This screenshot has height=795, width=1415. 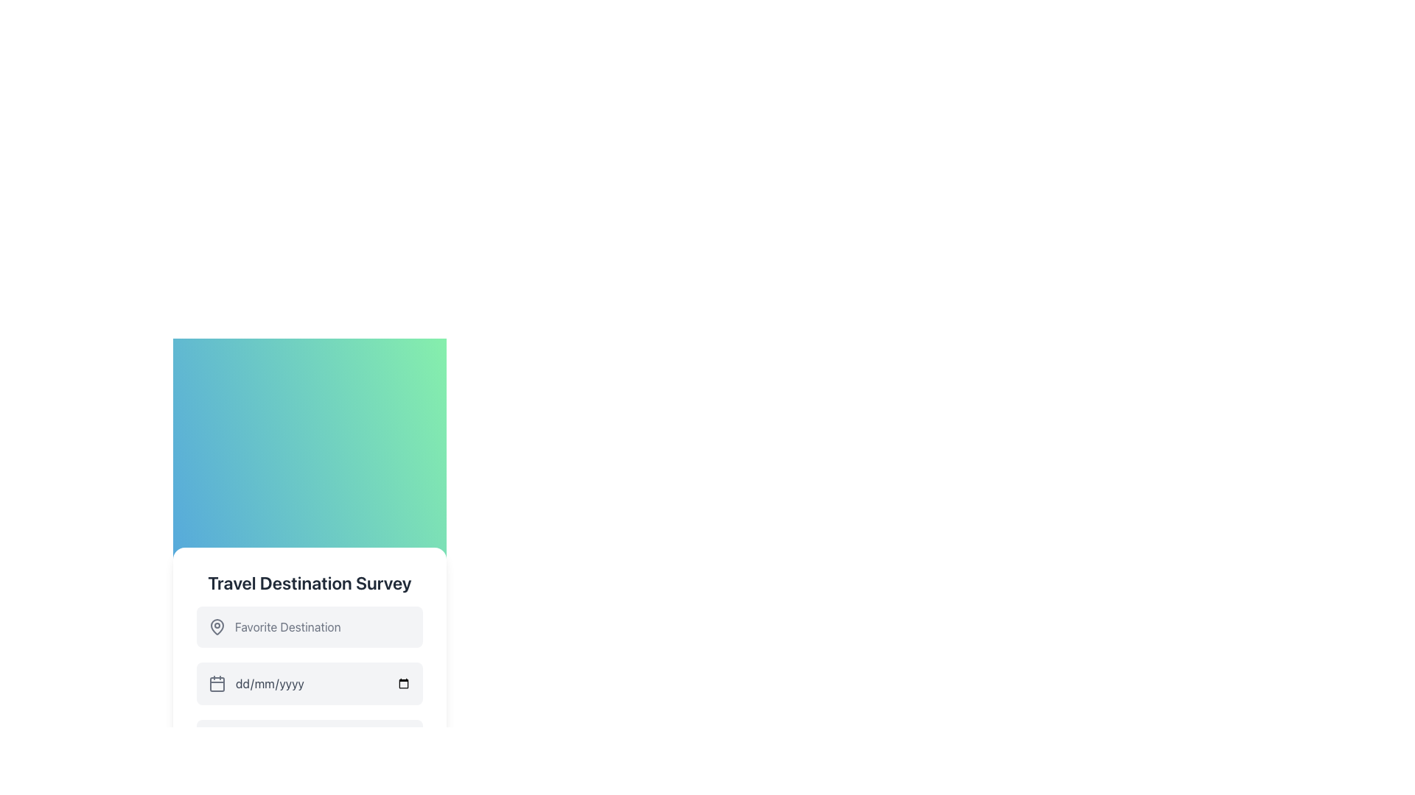 I want to click on the gray border of the map pin icon that is positioned to the left of the text 'Favorite Destination', so click(x=216, y=626).